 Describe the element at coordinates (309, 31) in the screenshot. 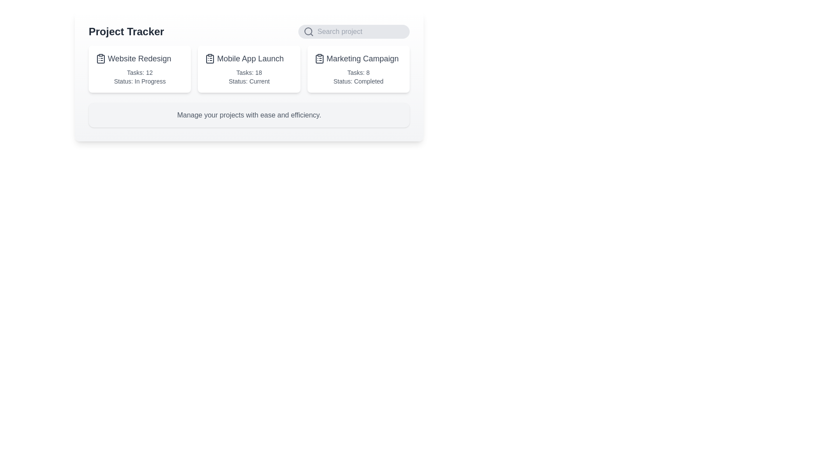

I see `the magnifying glass icon located to the left of the search bar to initiate search` at that location.